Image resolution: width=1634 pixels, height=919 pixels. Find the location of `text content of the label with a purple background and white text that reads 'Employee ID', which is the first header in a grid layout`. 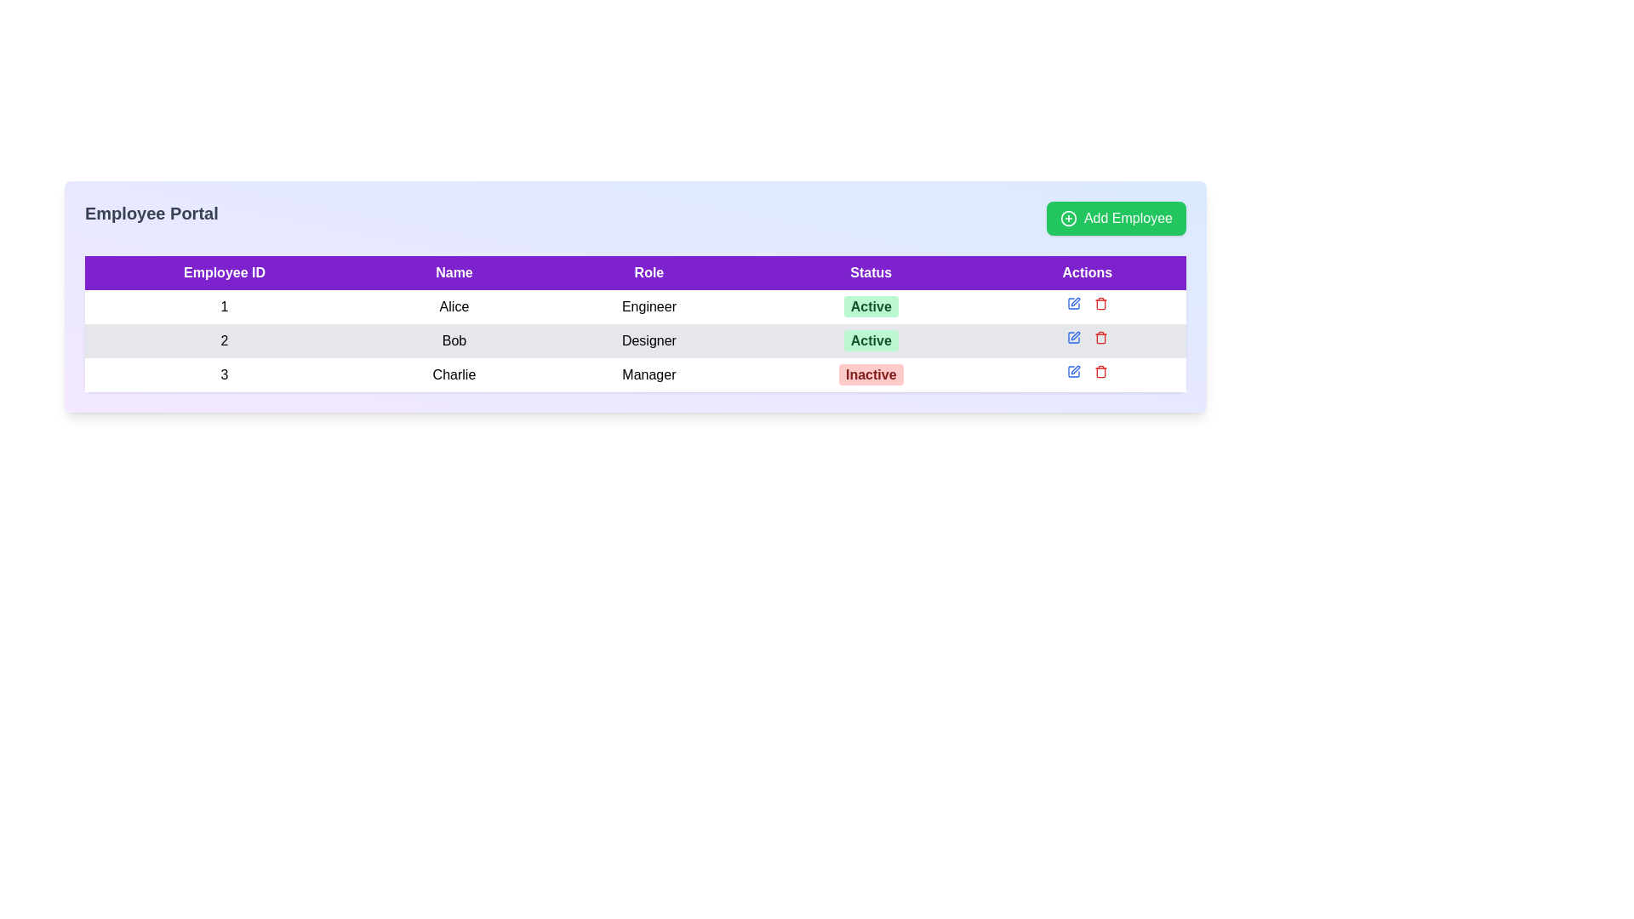

text content of the label with a purple background and white text that reads 'Employee ID', which is the first header in a grid layout is located at coordinates (224, 271).